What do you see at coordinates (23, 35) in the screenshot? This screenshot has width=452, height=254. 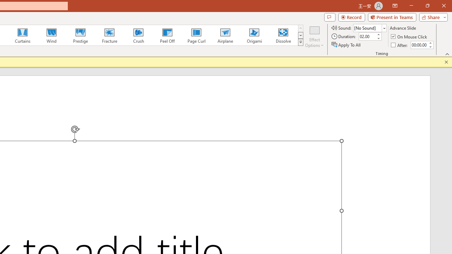 I see `'Curtains'` at bounding box center [23, 35].